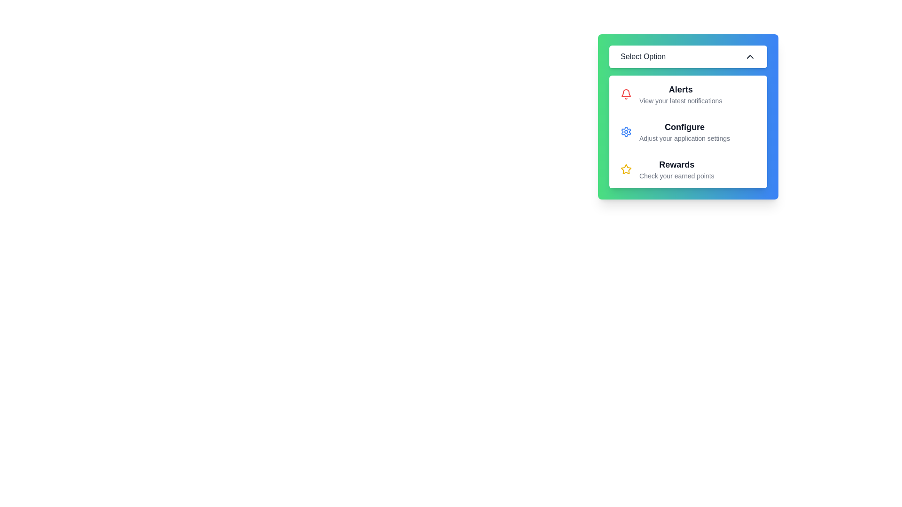  What do you see at coordinates (688, 94) in the screenshot?
I see `the first option in the dropdown menu for recent notifications, which is indicated by a graphical icon and textual description` at bounding box center [688, 94].